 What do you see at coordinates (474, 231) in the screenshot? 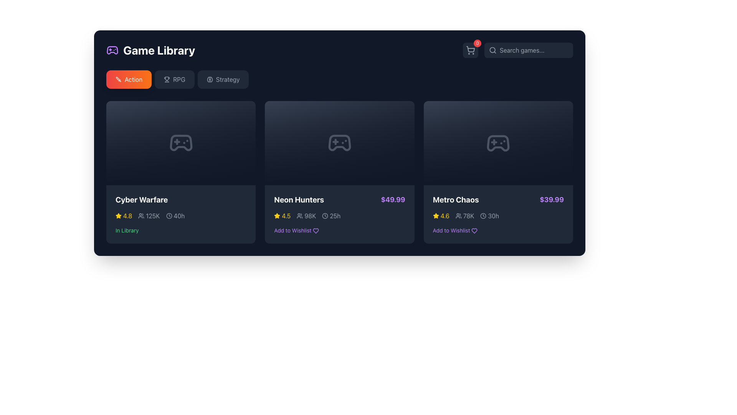
I see `the icon next to the 'Add to Wishlist' text at the bottom right corner of the 'Metro Chaos' card` at bounding box center [474, 231].